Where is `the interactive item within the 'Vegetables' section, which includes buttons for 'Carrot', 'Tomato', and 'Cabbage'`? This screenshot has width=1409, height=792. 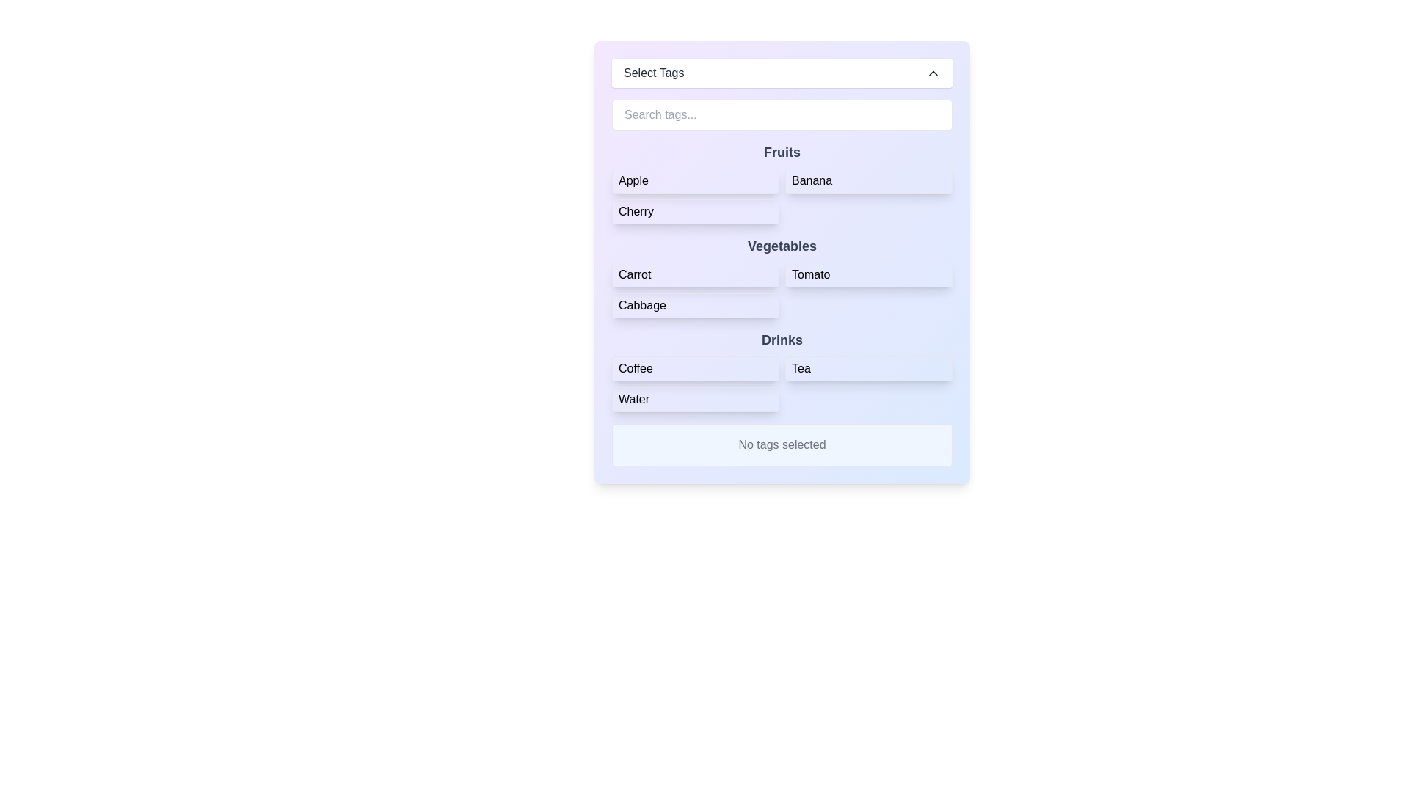 the interactive item within the 'Vegetables' section, which includes buttons for 'Carrot', 'Tomato', and 'Cabbage' is located at coordinates (781, 277).